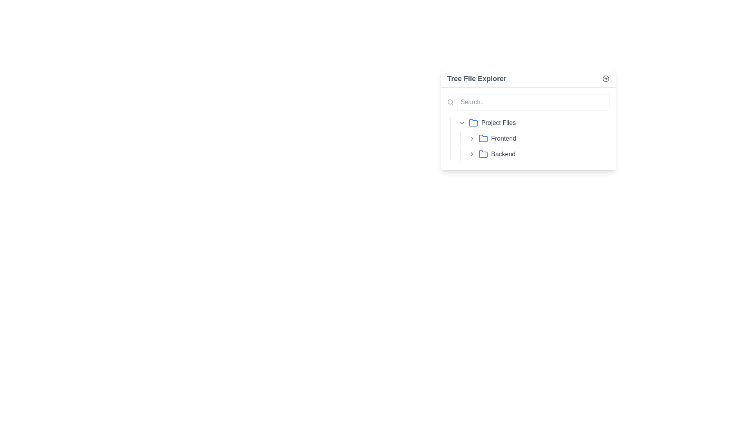  Describe the element at coordinates (450, 102) in the screenshot. I see `the magnifying glass SVG icon located on the leftmost side of the toolbar, adjacent to the search input field` at that location.